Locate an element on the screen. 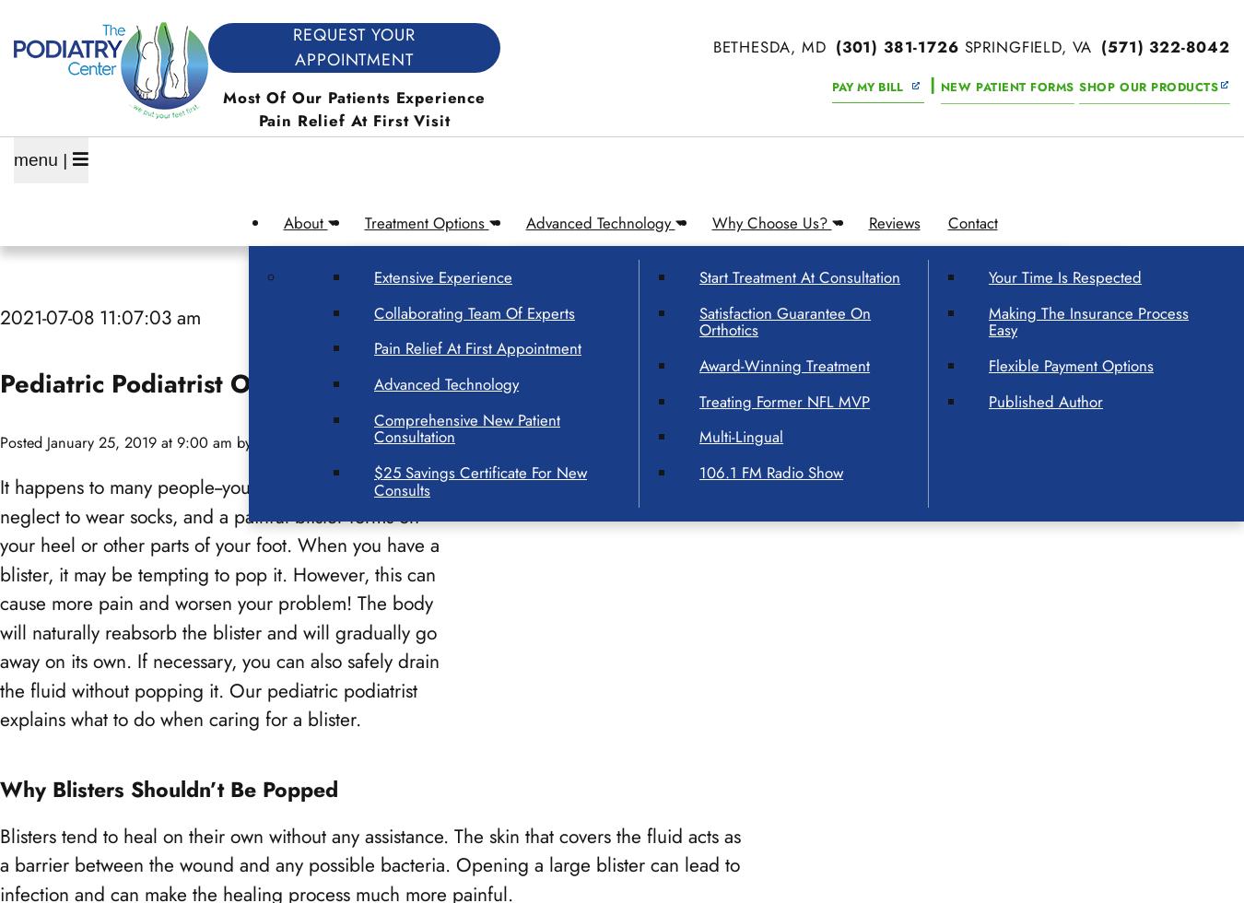 Image resolution: width=1244 pixels, height=903 pixels. 'Chevy Chase, MD' is located at coordinates (128, 683).